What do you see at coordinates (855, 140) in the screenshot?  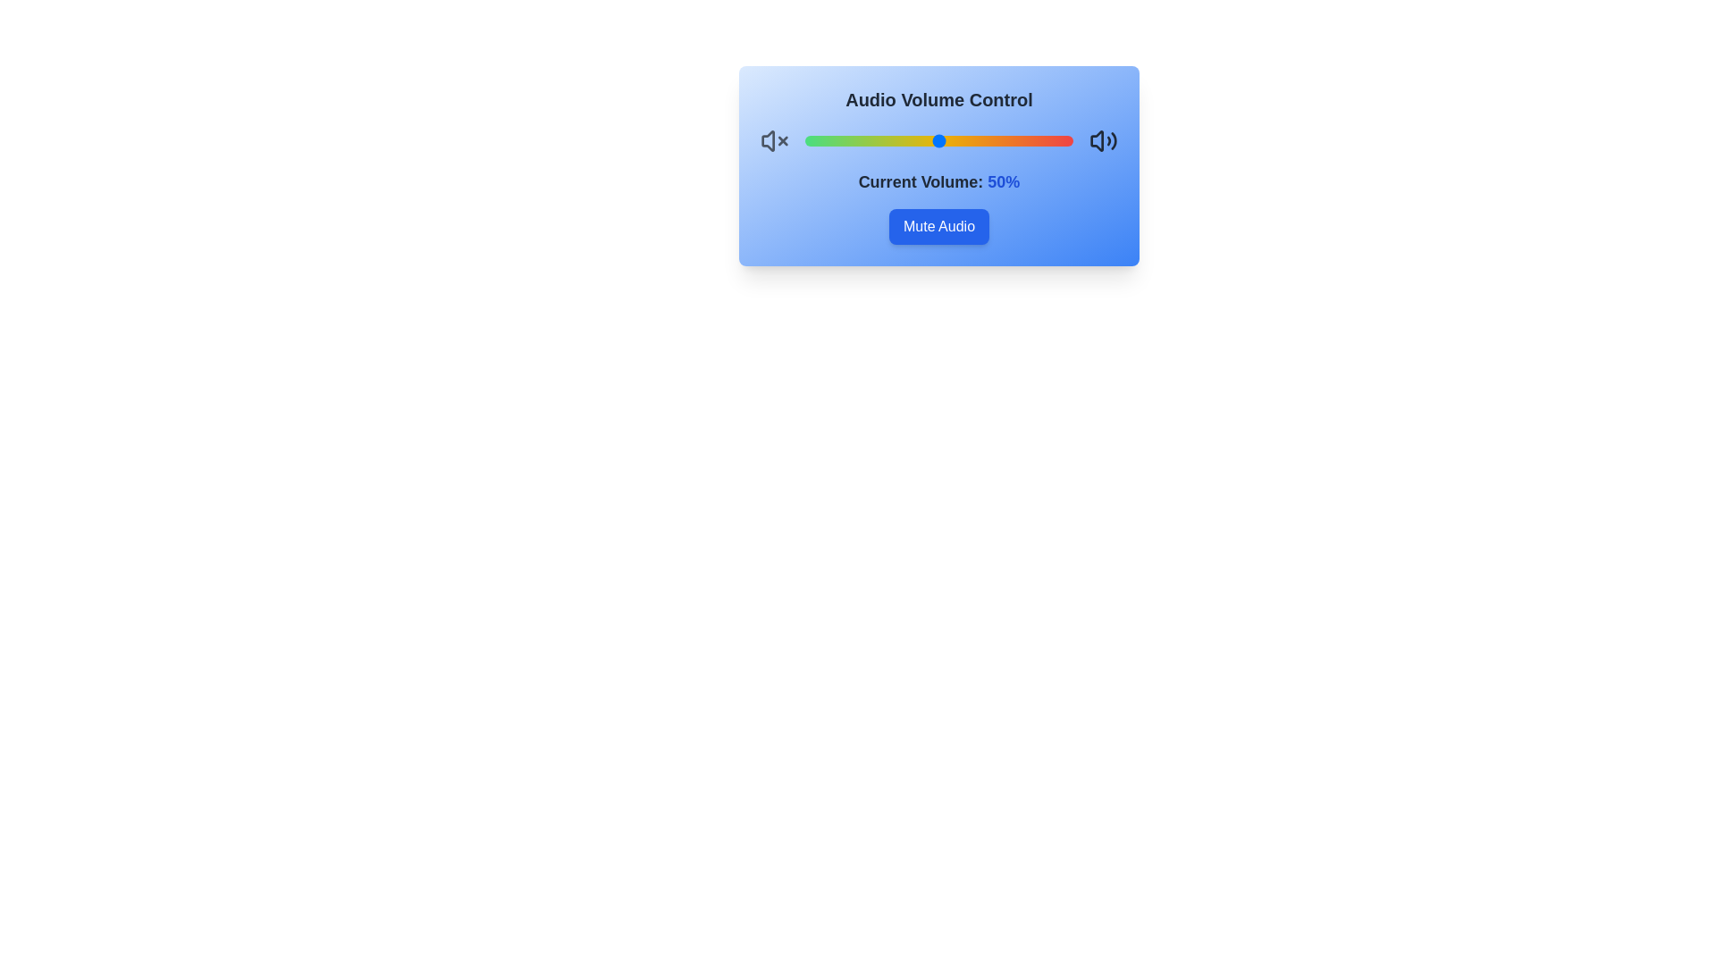 I see `the volume to 19%` at bounding box center [855, 140].